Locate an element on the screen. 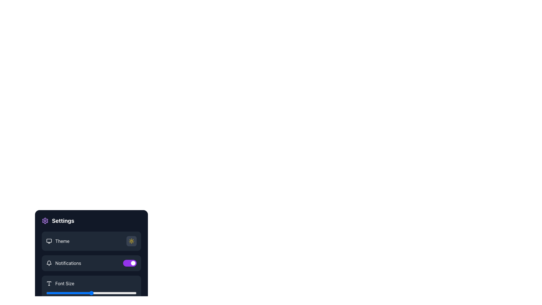 Image resolution: width=542 pixels, height=305 pixels. the theme icon located is located at coordinates (49, 241).